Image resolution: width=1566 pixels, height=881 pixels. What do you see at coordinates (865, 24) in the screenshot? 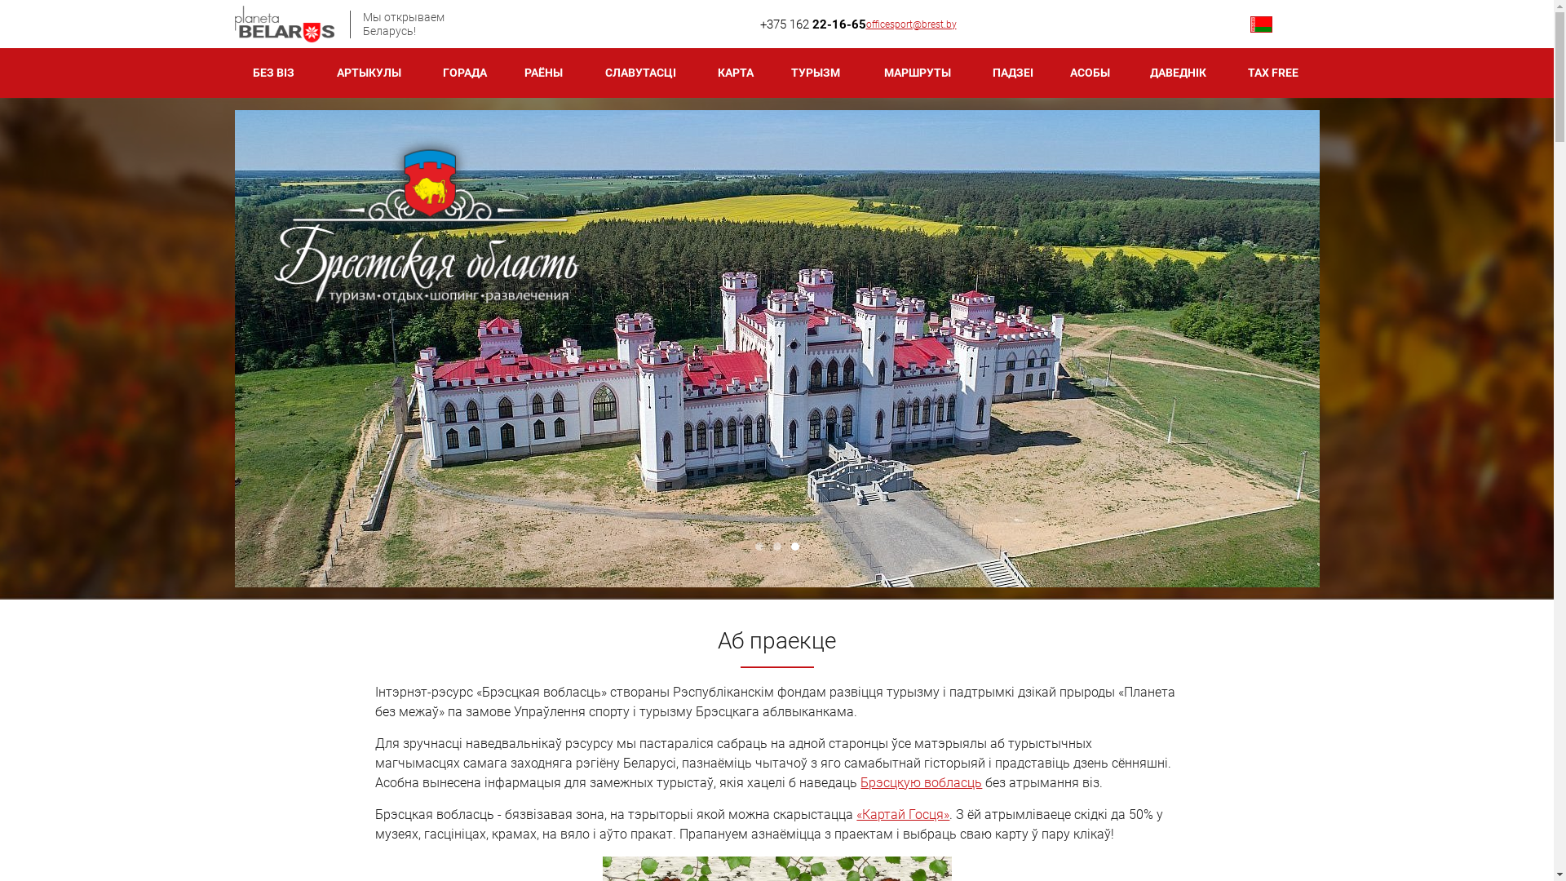
I see `'officesport@brest.by'` at bounding box center [865, 24].